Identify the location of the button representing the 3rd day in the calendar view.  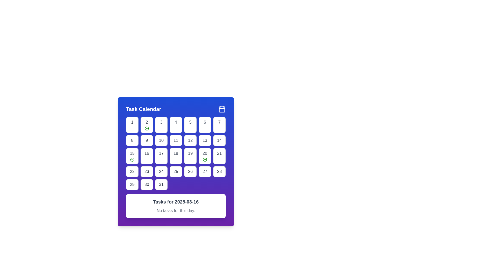
(161, 125).